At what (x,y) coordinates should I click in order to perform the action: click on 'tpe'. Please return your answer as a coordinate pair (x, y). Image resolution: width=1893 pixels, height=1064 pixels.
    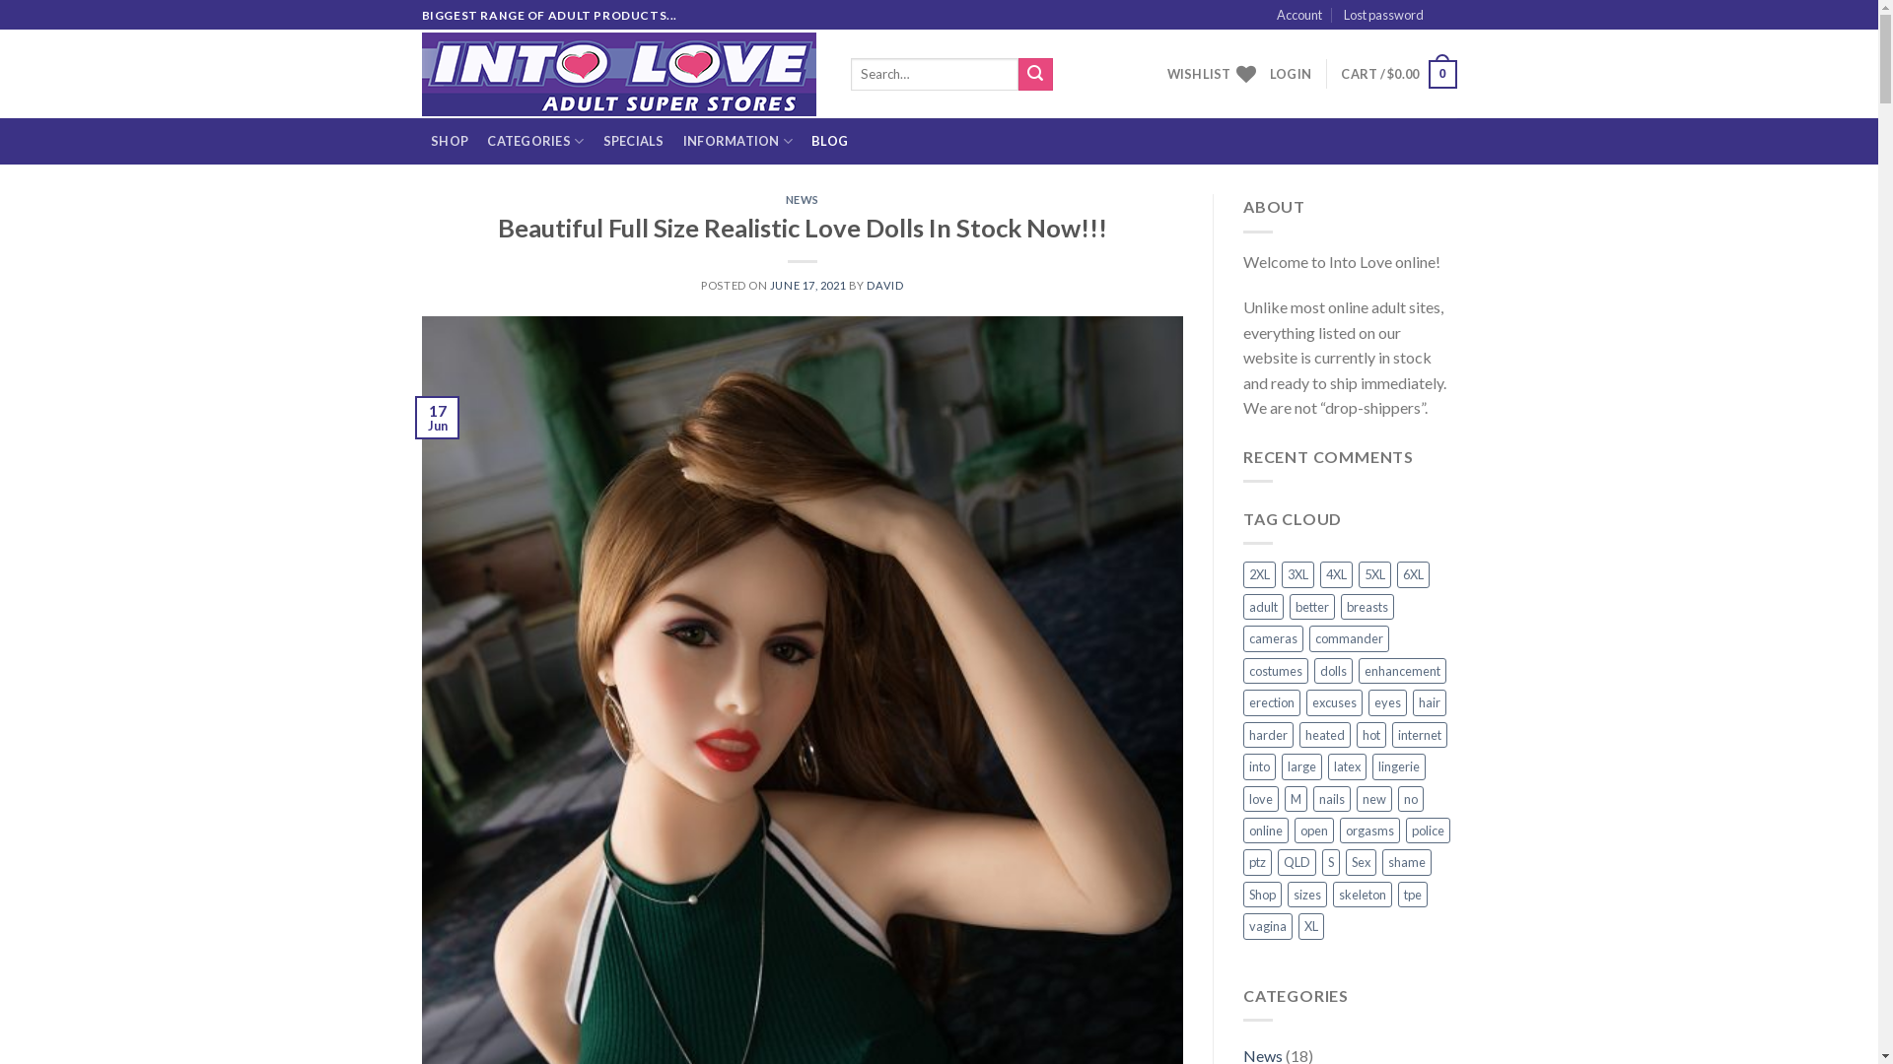
    Looking at the image, I should click on (1412, 894).